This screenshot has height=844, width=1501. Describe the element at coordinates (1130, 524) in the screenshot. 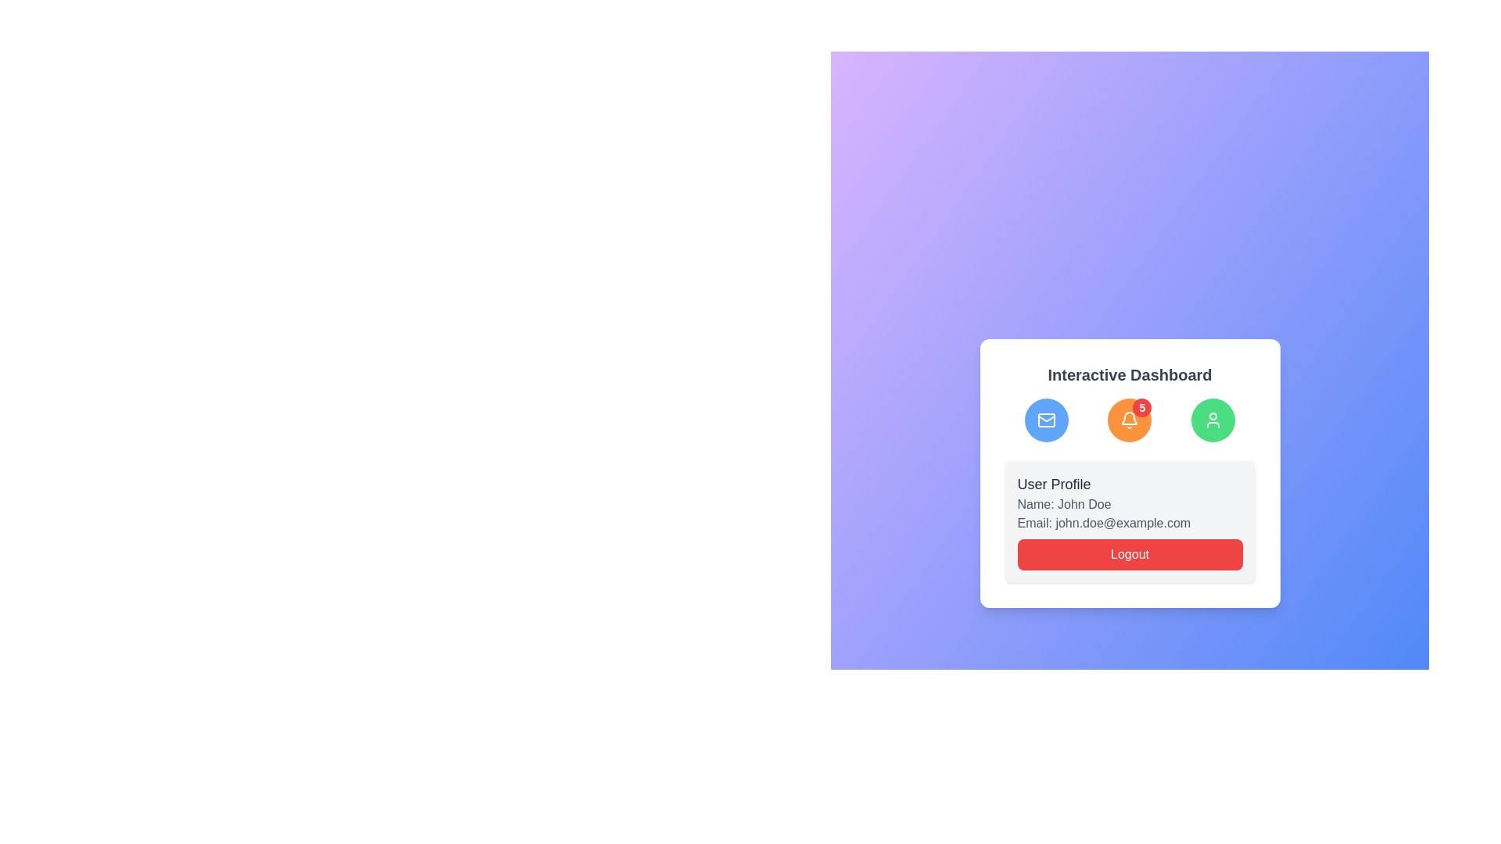

I see `the static text display that shows the user's email address, located below 'Name: John Doe' and above the 'Logout' button in the user profile card` at that location.